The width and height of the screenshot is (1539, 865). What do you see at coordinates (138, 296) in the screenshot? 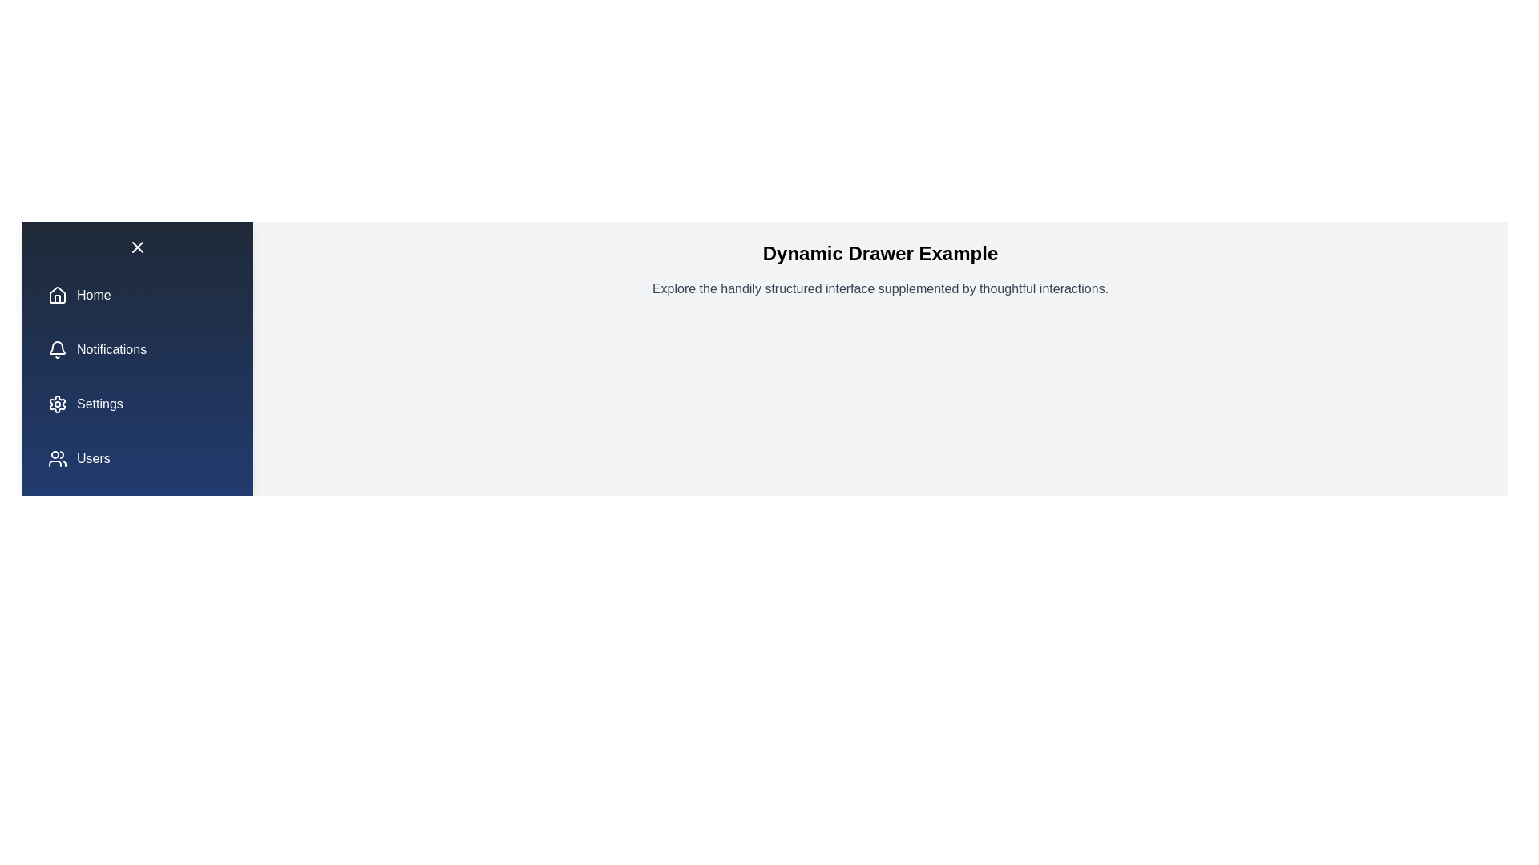
I see `the menu item labeled Home` at bounding box center [138, 296].